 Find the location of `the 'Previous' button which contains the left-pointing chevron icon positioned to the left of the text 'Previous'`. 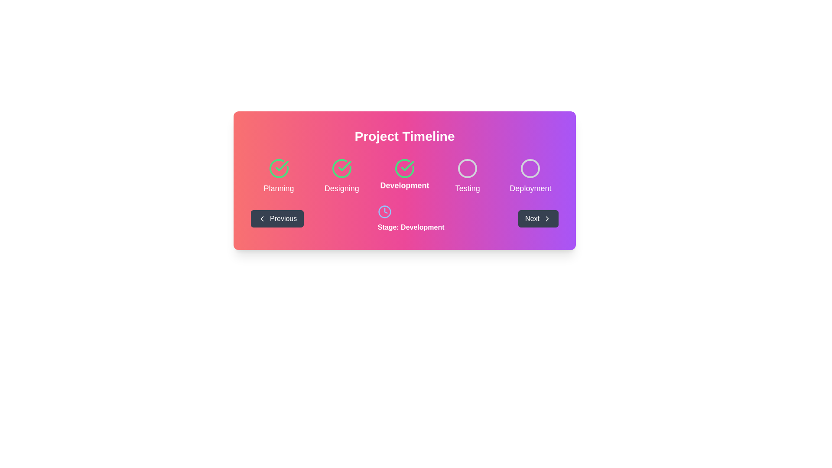

the 'Previous' button which contains the left-pointing chevron icon positioned to the left of the text 'Previous' is located at coordinates (261, 218).